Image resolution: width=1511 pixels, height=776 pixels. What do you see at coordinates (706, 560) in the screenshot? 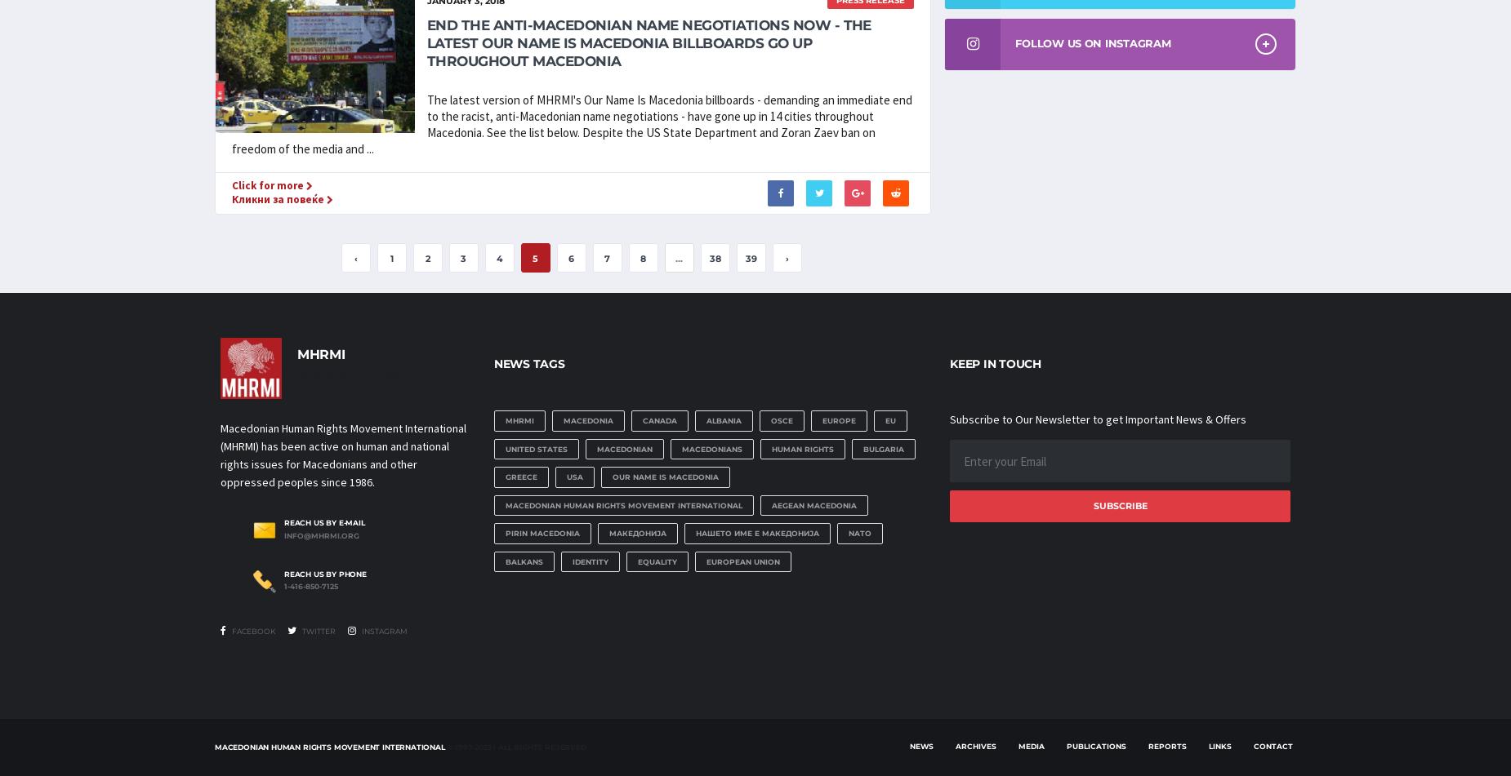
I see `'European Union'` at bounding box center [706, 560].